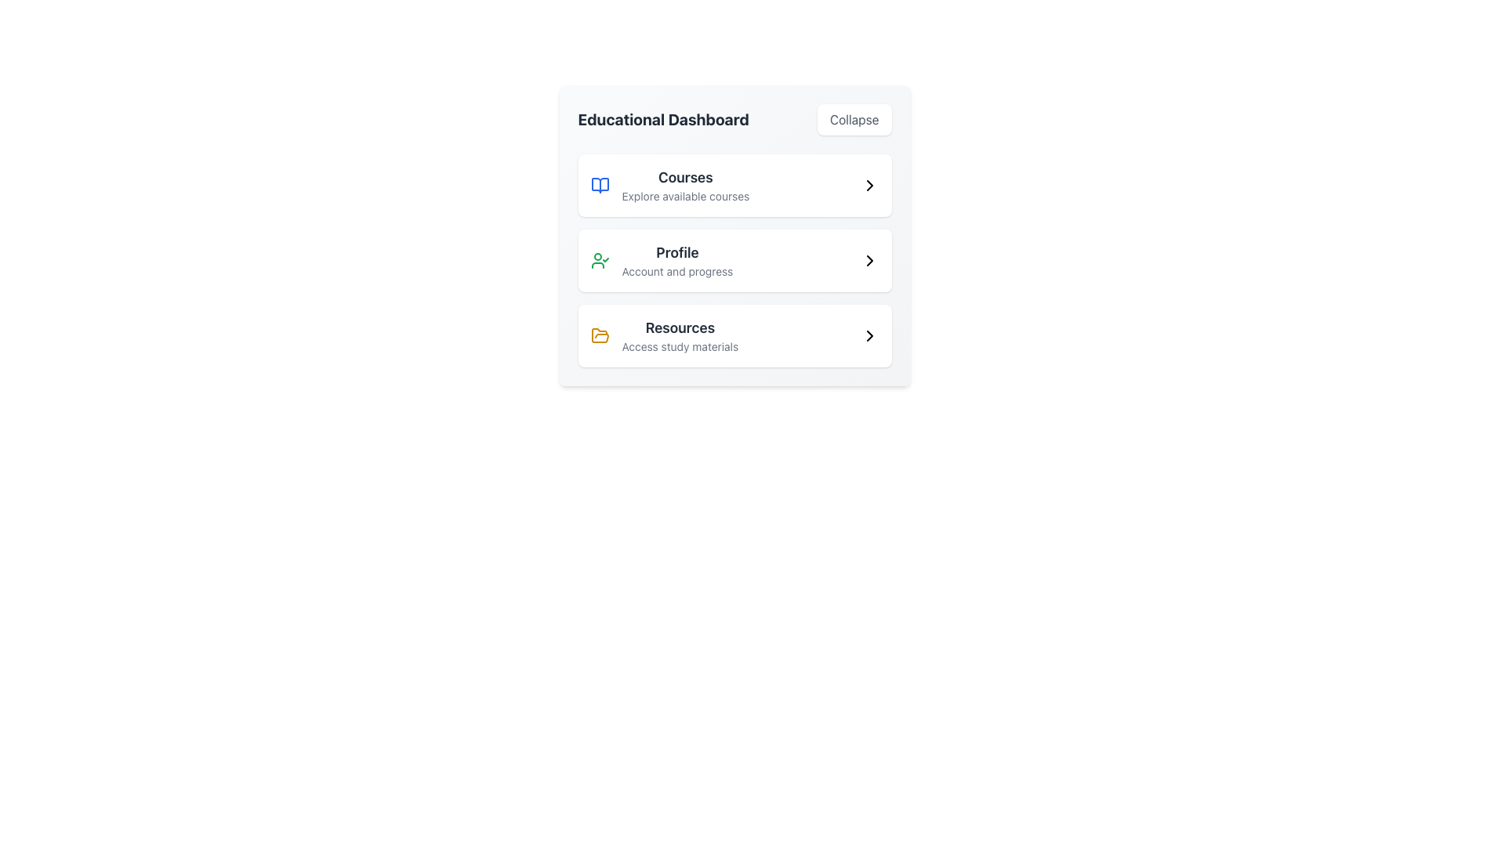 Image resolution: width=1505 pixels, height=846 pixels. Describe the element at coordinates (599, 334) in the screenshot. I see `the yellow folder icon located next to the text 'Resources Access study materials' within the 'Educational Dashboard' card` at that location.